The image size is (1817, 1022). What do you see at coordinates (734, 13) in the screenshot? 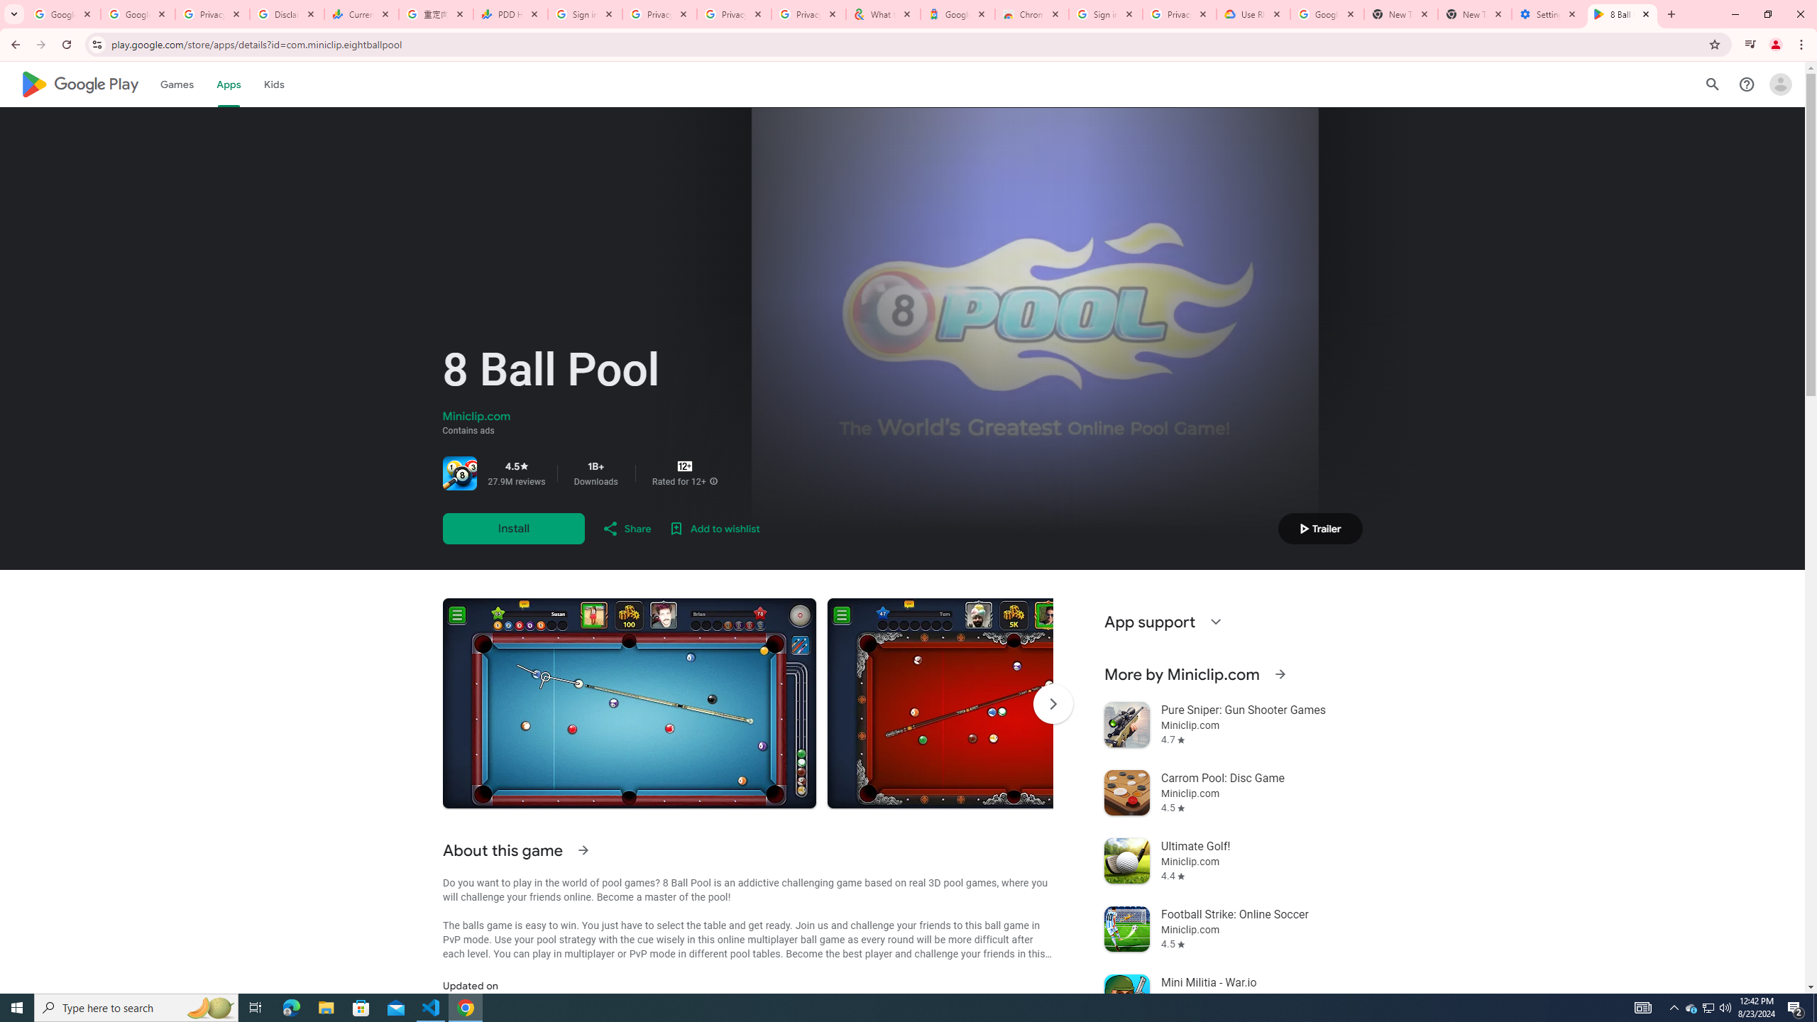
I see `'Privacy Checkup'` at bounding box center [734, 13].